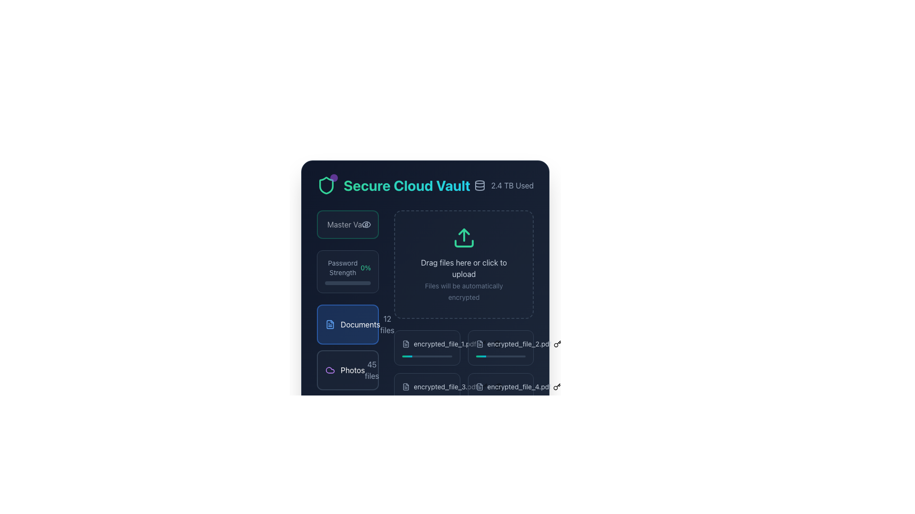 The image size is (915, 514). I want to click on the navigational item for photos, which is the second item in a vertical list following 'Documents', so click(347, 370).